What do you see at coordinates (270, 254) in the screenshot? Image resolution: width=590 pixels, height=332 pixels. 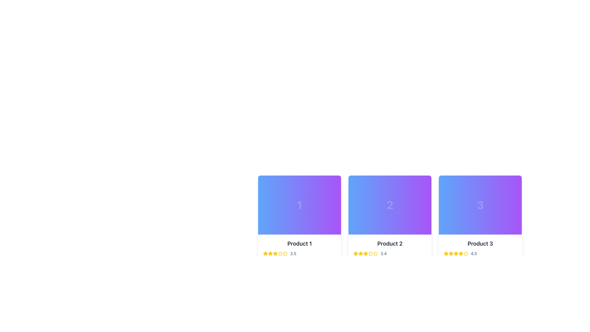 I see `the second star icon in the five-star rating system located directly below the 'Product 1' title card` at bounding box center [270, 254].